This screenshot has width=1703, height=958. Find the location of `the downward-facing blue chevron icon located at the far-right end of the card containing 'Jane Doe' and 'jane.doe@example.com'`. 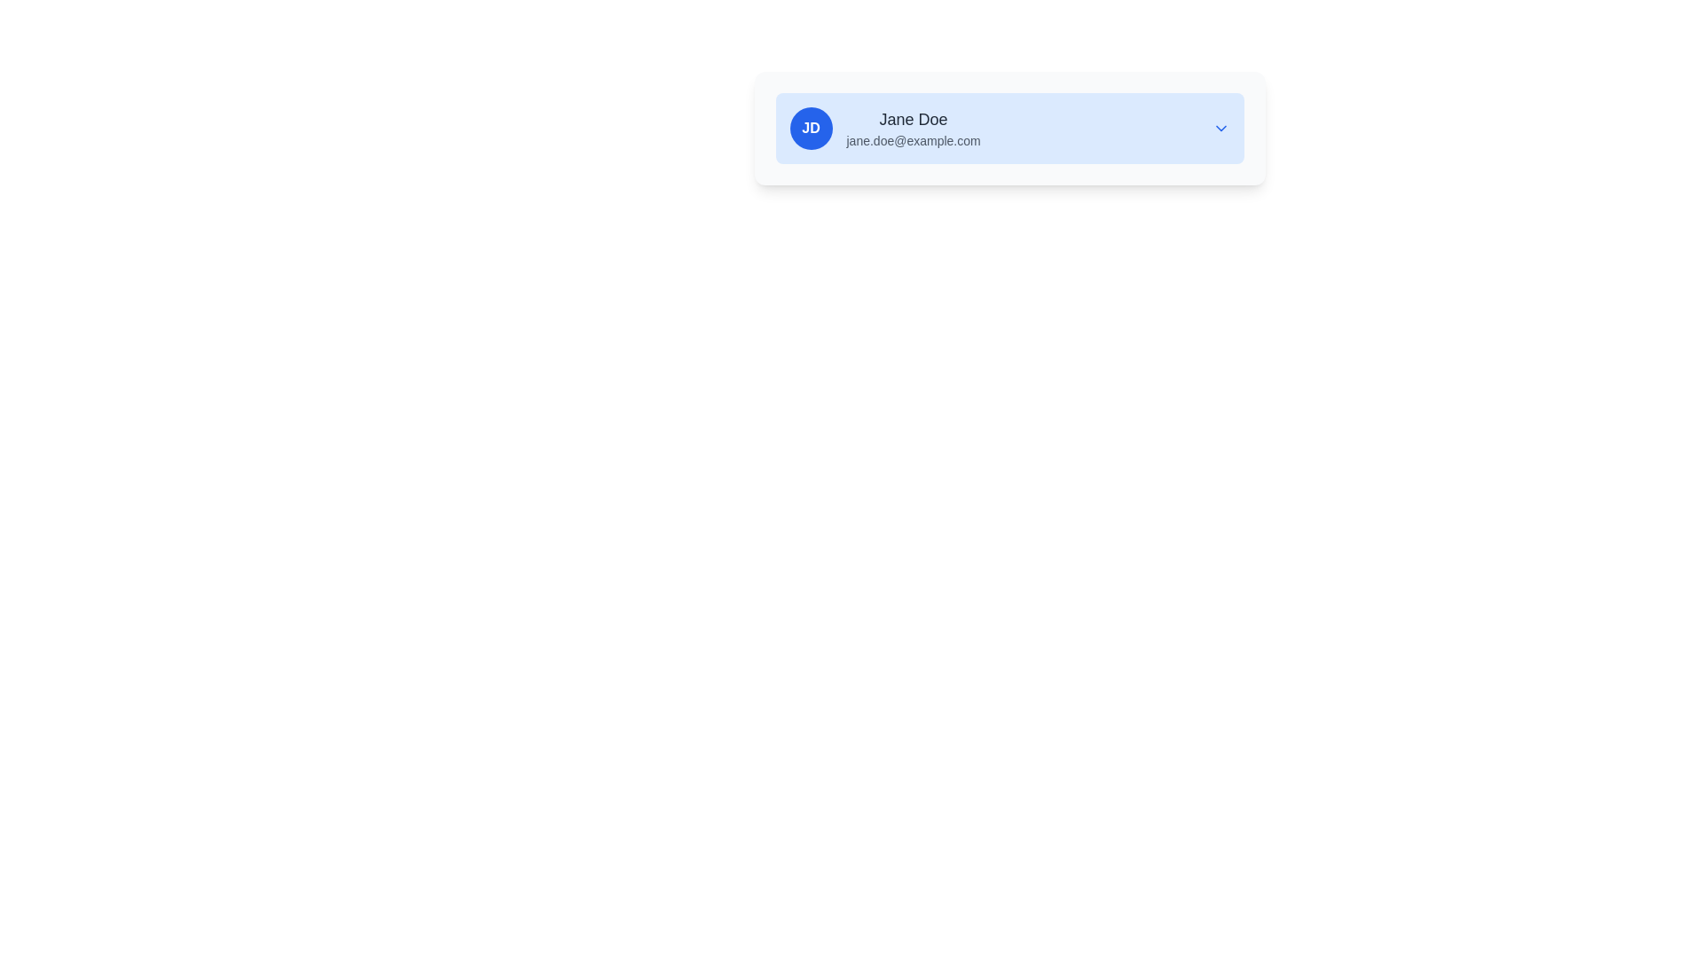

the downward-facing blue chevron icon located at the far-right end of the card containing 'Jane Doe' and 'jane.doe@example.com' is located at coordinates (1220, 128).